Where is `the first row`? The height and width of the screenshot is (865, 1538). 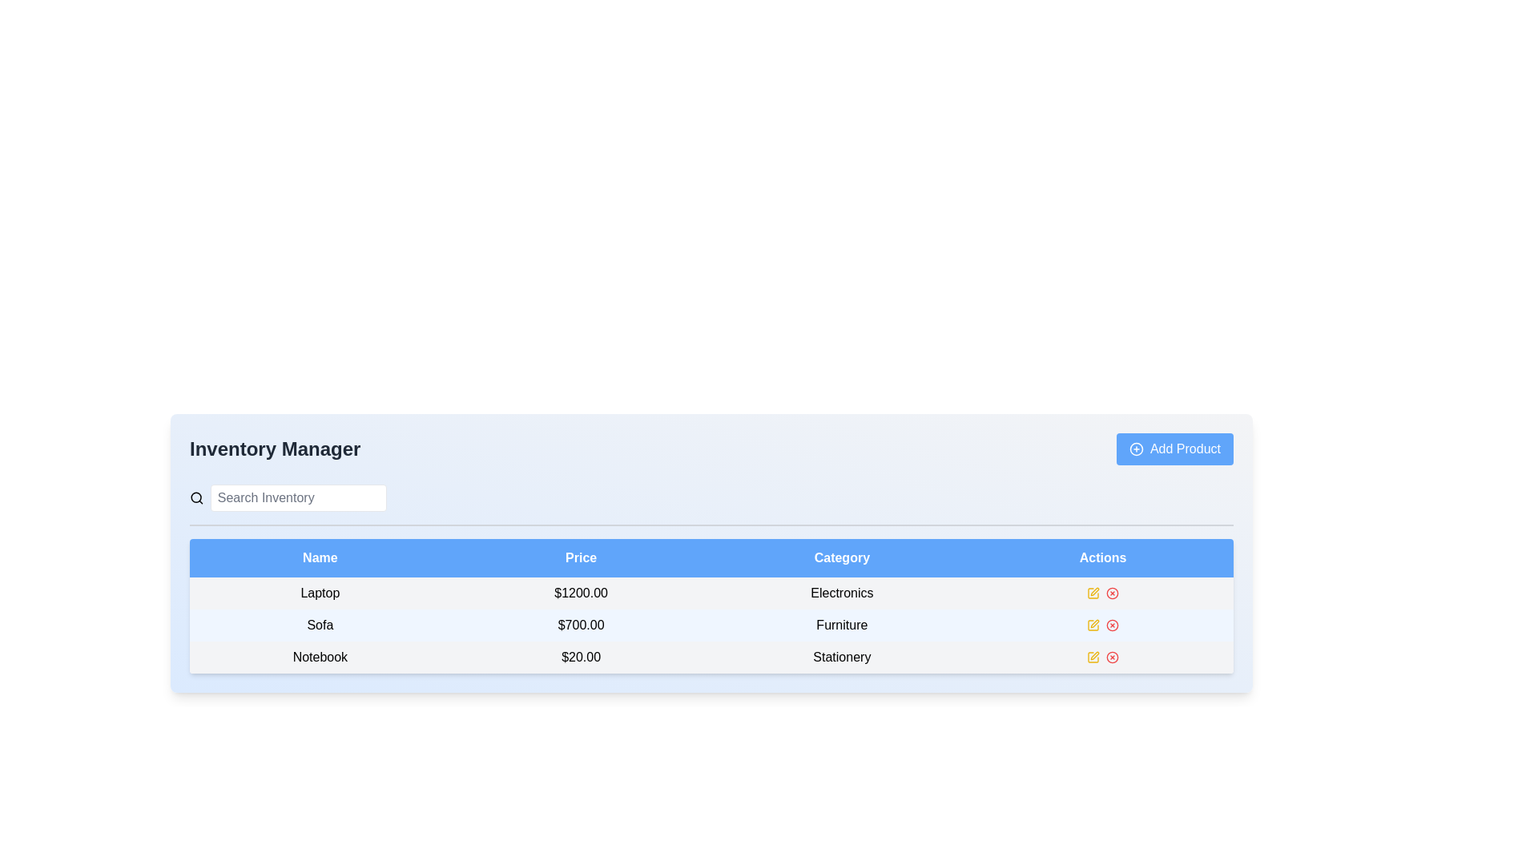
the first row is located at coordinates (711, 593).